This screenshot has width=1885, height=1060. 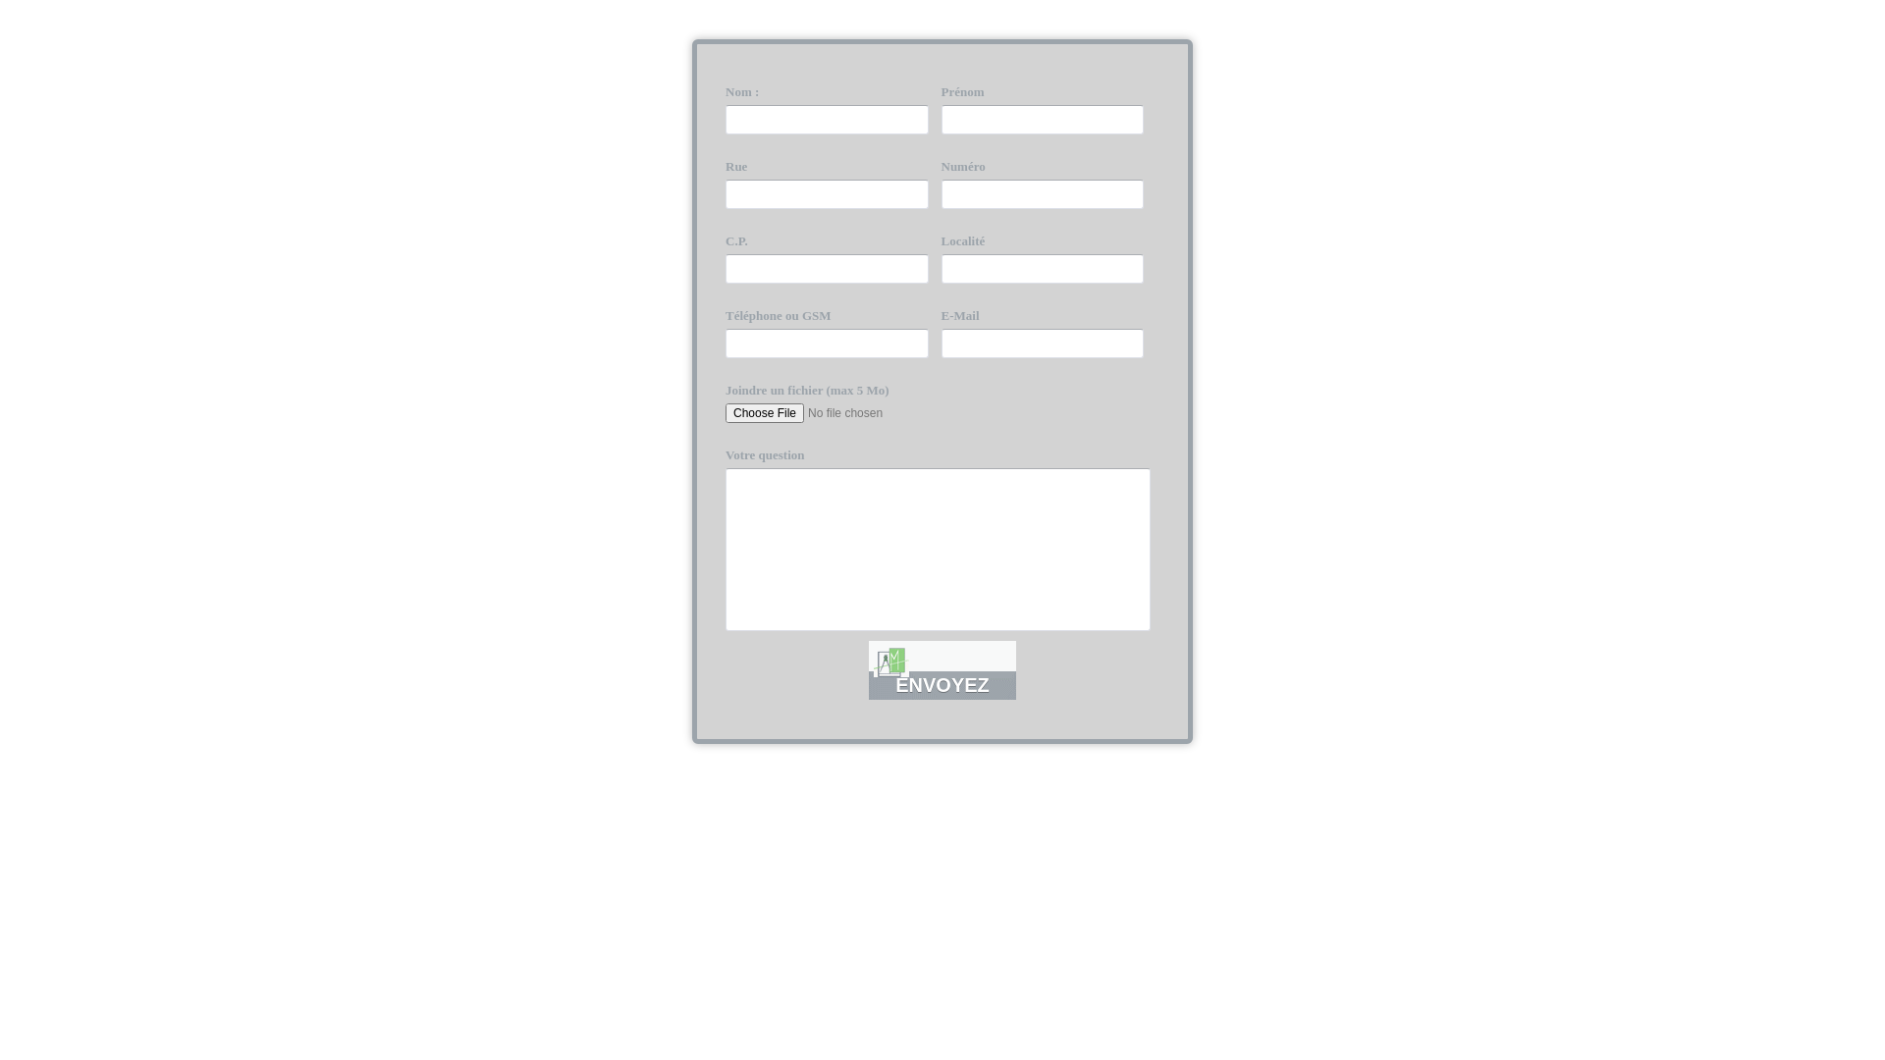 I want to click on 'ENVOYEZ', so click(x=867, y=668).